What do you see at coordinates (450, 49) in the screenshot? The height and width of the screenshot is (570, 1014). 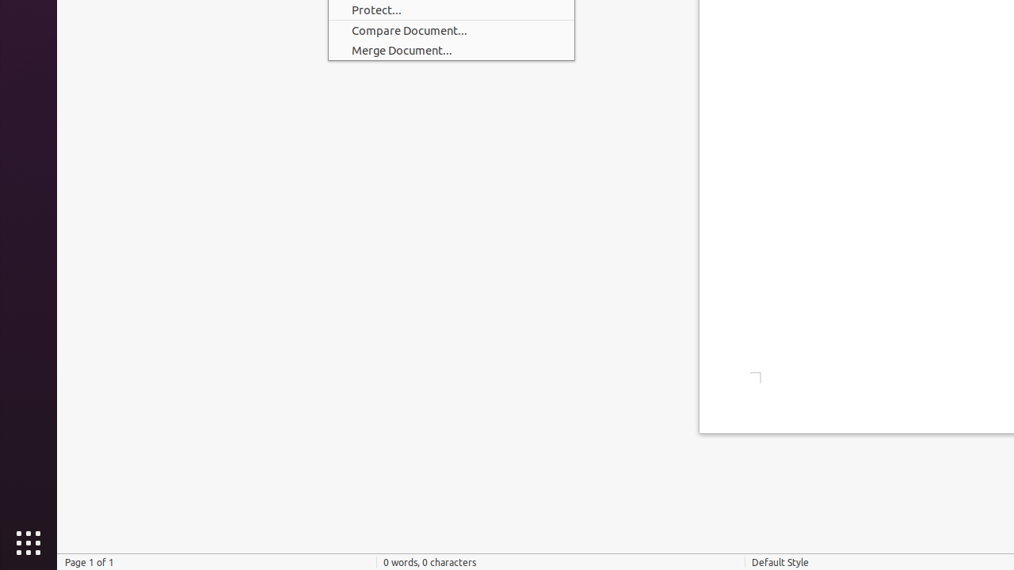 I see `'Merge Document...'` at bounding box center [450, 49].